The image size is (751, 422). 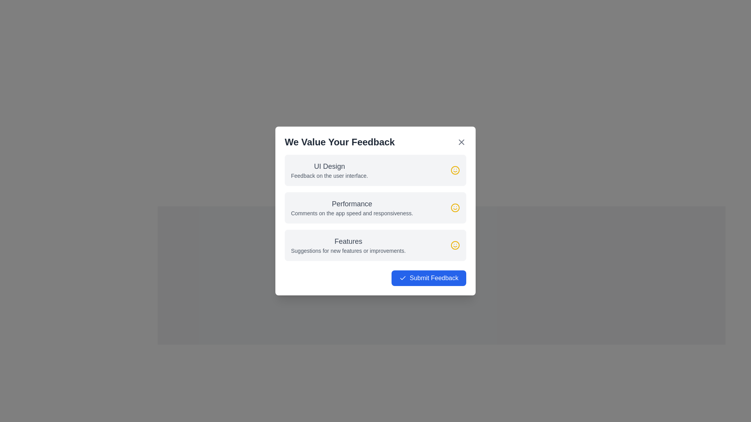 What do you see at coordinates (455, 245) in the screenshot?
I see `the circular yellow face icon with a smiley expression located in the bottom section of the feedback modal, adjacent to the 'Features' text` at bounding box center [455, 245].